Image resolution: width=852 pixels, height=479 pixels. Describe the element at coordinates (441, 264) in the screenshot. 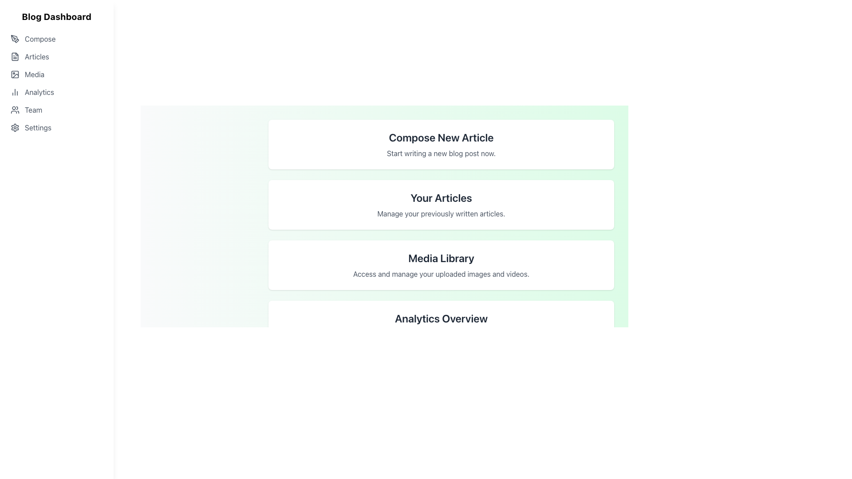

I see `the Media Library card, which is the third card in a vertical sequence` at that location.